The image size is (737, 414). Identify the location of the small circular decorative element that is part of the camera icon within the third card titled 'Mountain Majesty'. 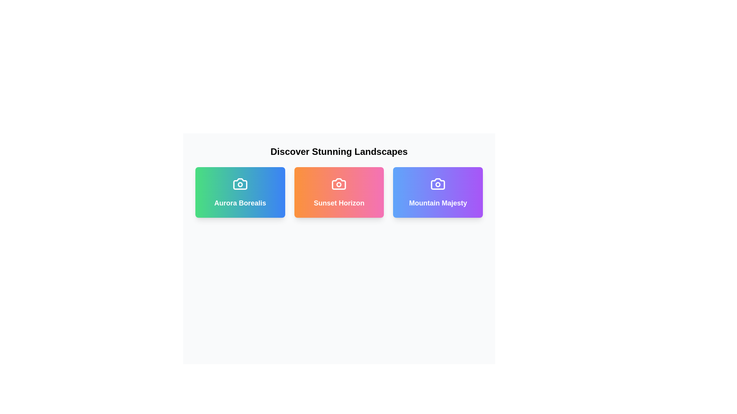
(438, 184).